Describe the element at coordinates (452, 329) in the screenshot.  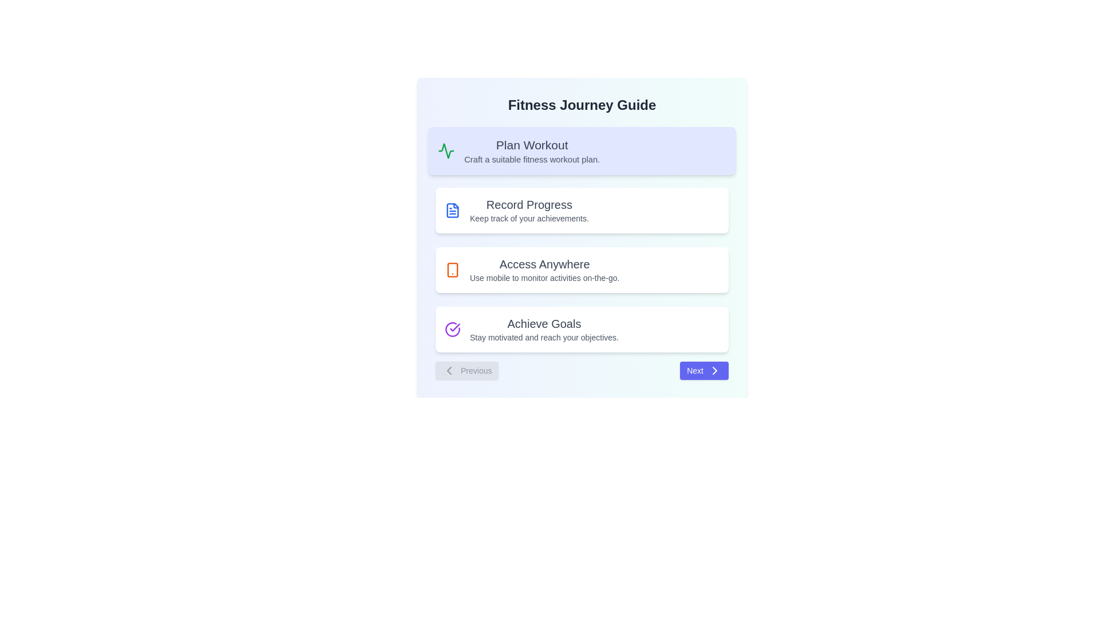
I see `the Decorative icon located to the left of the 'Achieve Goals' text in the fourth section of the vertically stacked list` at that location.